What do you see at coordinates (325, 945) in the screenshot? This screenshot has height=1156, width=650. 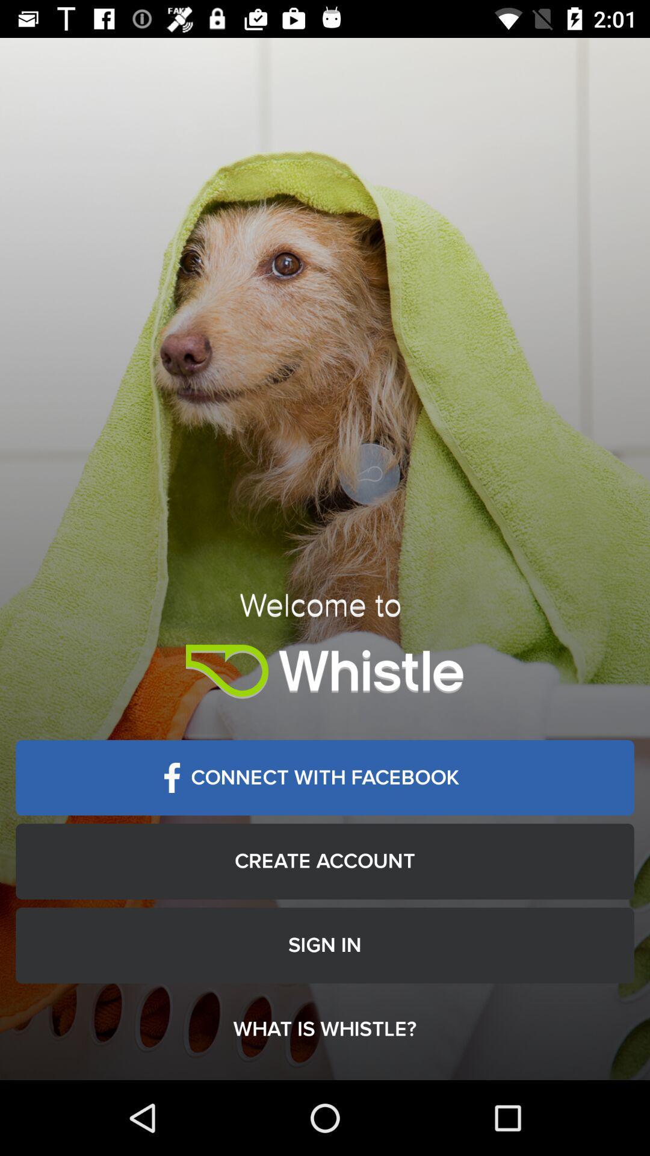 I see `the icon above the what is whistle? icon` at bounding box center [325, 945].